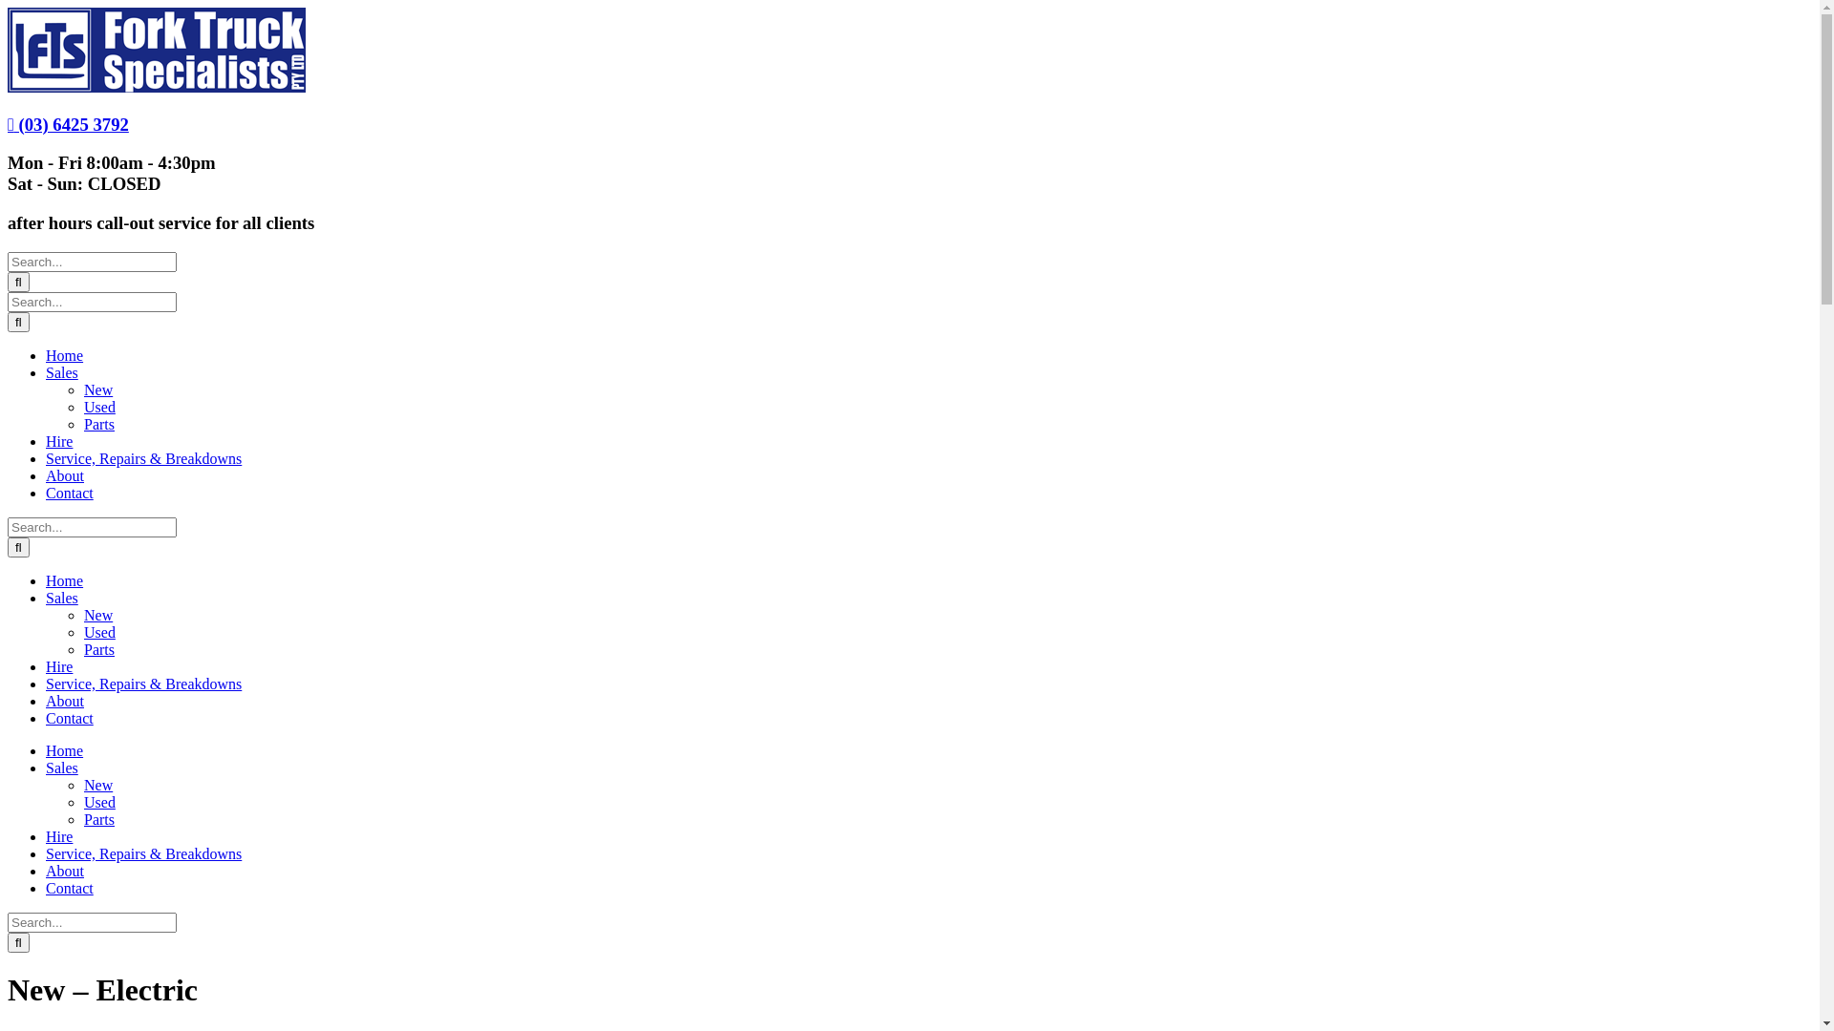  I want to click on 'Home', so click(64, 749).